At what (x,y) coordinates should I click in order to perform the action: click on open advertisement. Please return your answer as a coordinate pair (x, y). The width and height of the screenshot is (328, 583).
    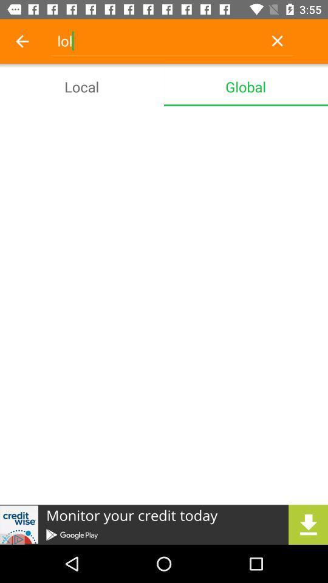
    Looking at the image, I should click on (164, 524).